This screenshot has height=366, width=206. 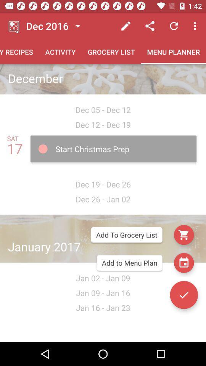 I want to click on the check icon, so click(x=183, y=294).